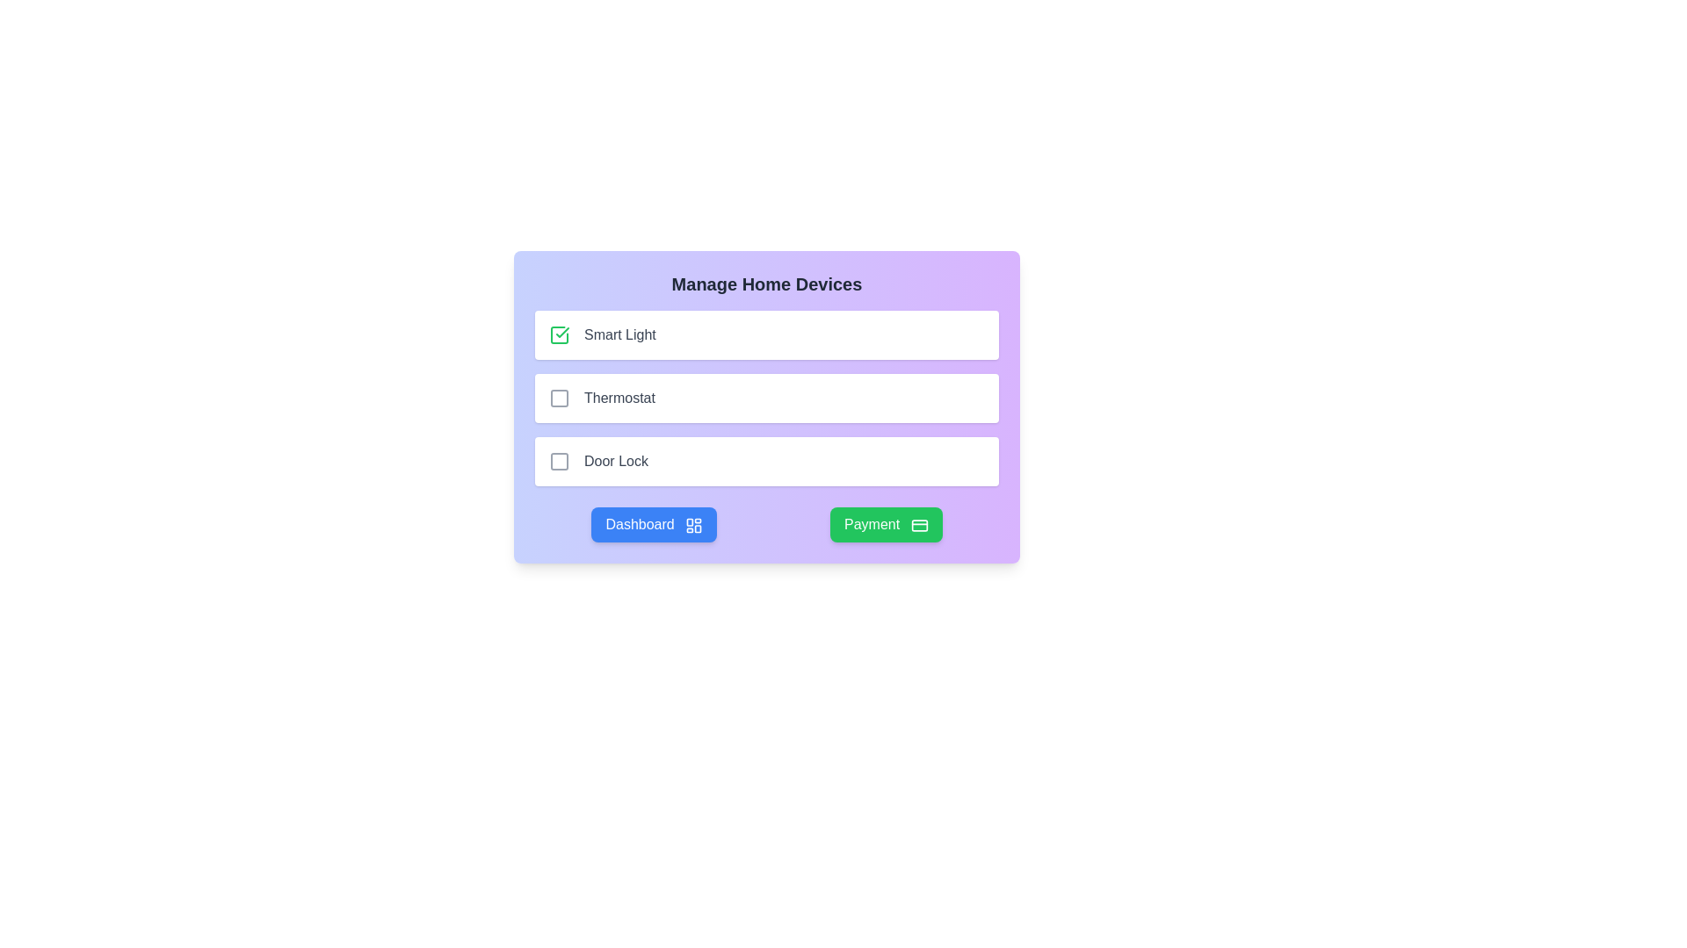  Describe the element at coordinates (918, 524) in the screenshot. I see `the Decorative SVG icon representing the credit card within the green 'Payment' button located at the bottom-right corner of the interface` at that location.